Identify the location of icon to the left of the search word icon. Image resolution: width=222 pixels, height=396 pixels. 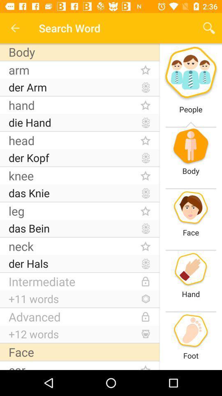
(15, 28).